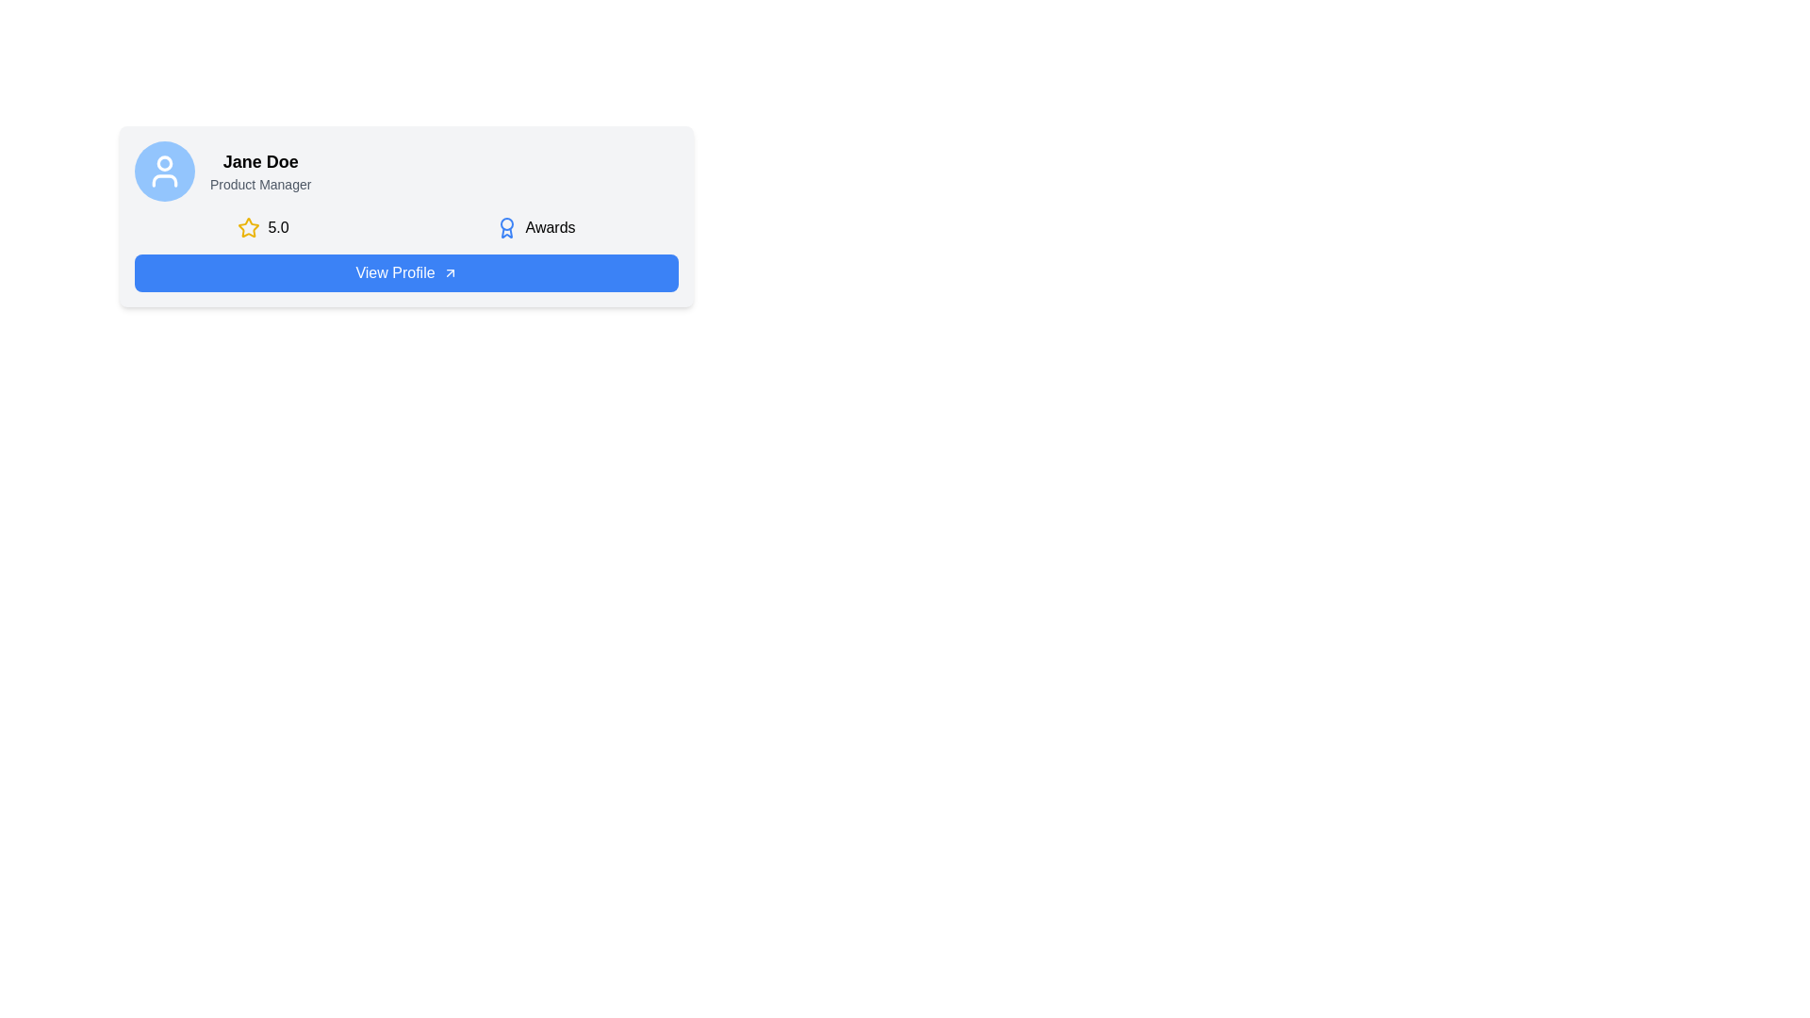  I want to click on the SVG circle element located at the top part of the avatar within the user's profile card, so click(164, 162).